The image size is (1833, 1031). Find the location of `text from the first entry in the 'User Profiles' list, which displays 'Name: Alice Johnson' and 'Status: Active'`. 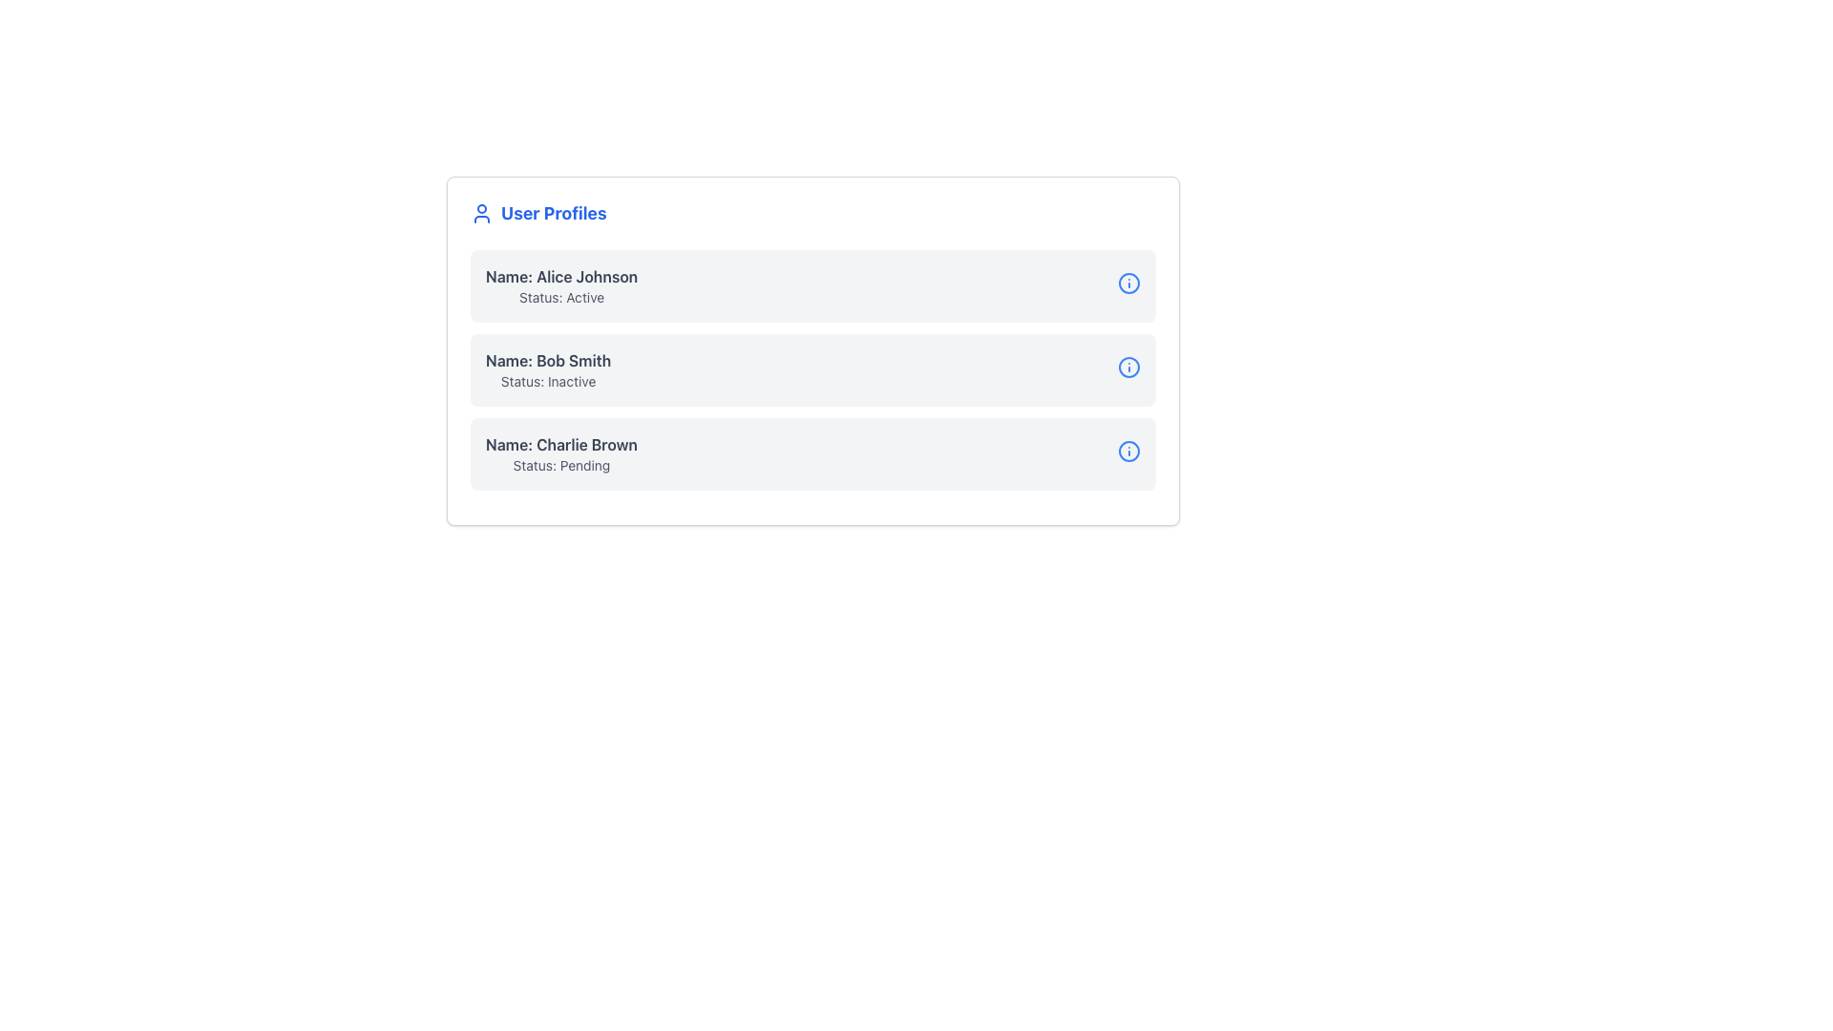

text from the first entry in the 'User Profiles' list, which displays 'Name: Alice Johnson' and 'Status: Active' is located at coordinates (560, 286).